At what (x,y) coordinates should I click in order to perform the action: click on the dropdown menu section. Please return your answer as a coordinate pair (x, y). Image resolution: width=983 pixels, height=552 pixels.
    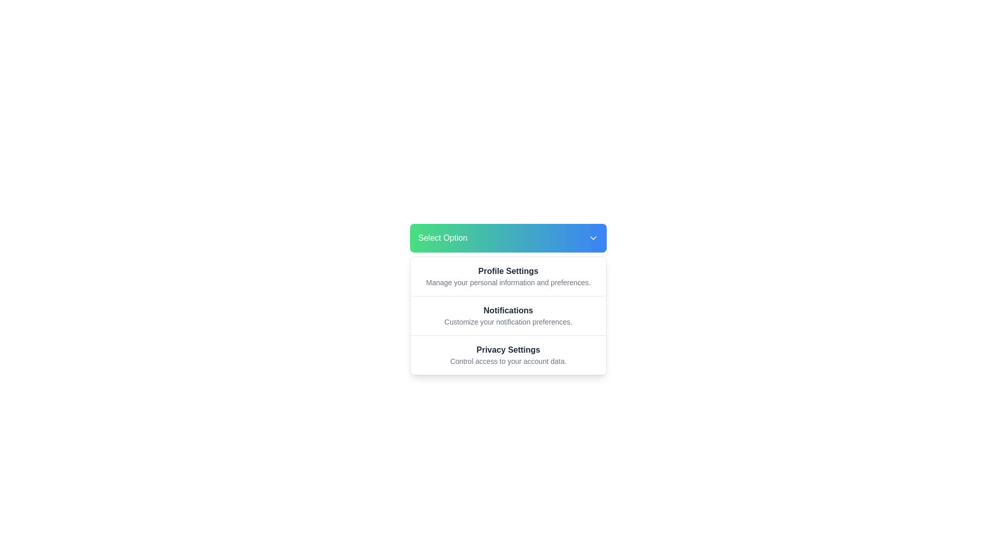
    Looking at the image, I should click on (508, 315).